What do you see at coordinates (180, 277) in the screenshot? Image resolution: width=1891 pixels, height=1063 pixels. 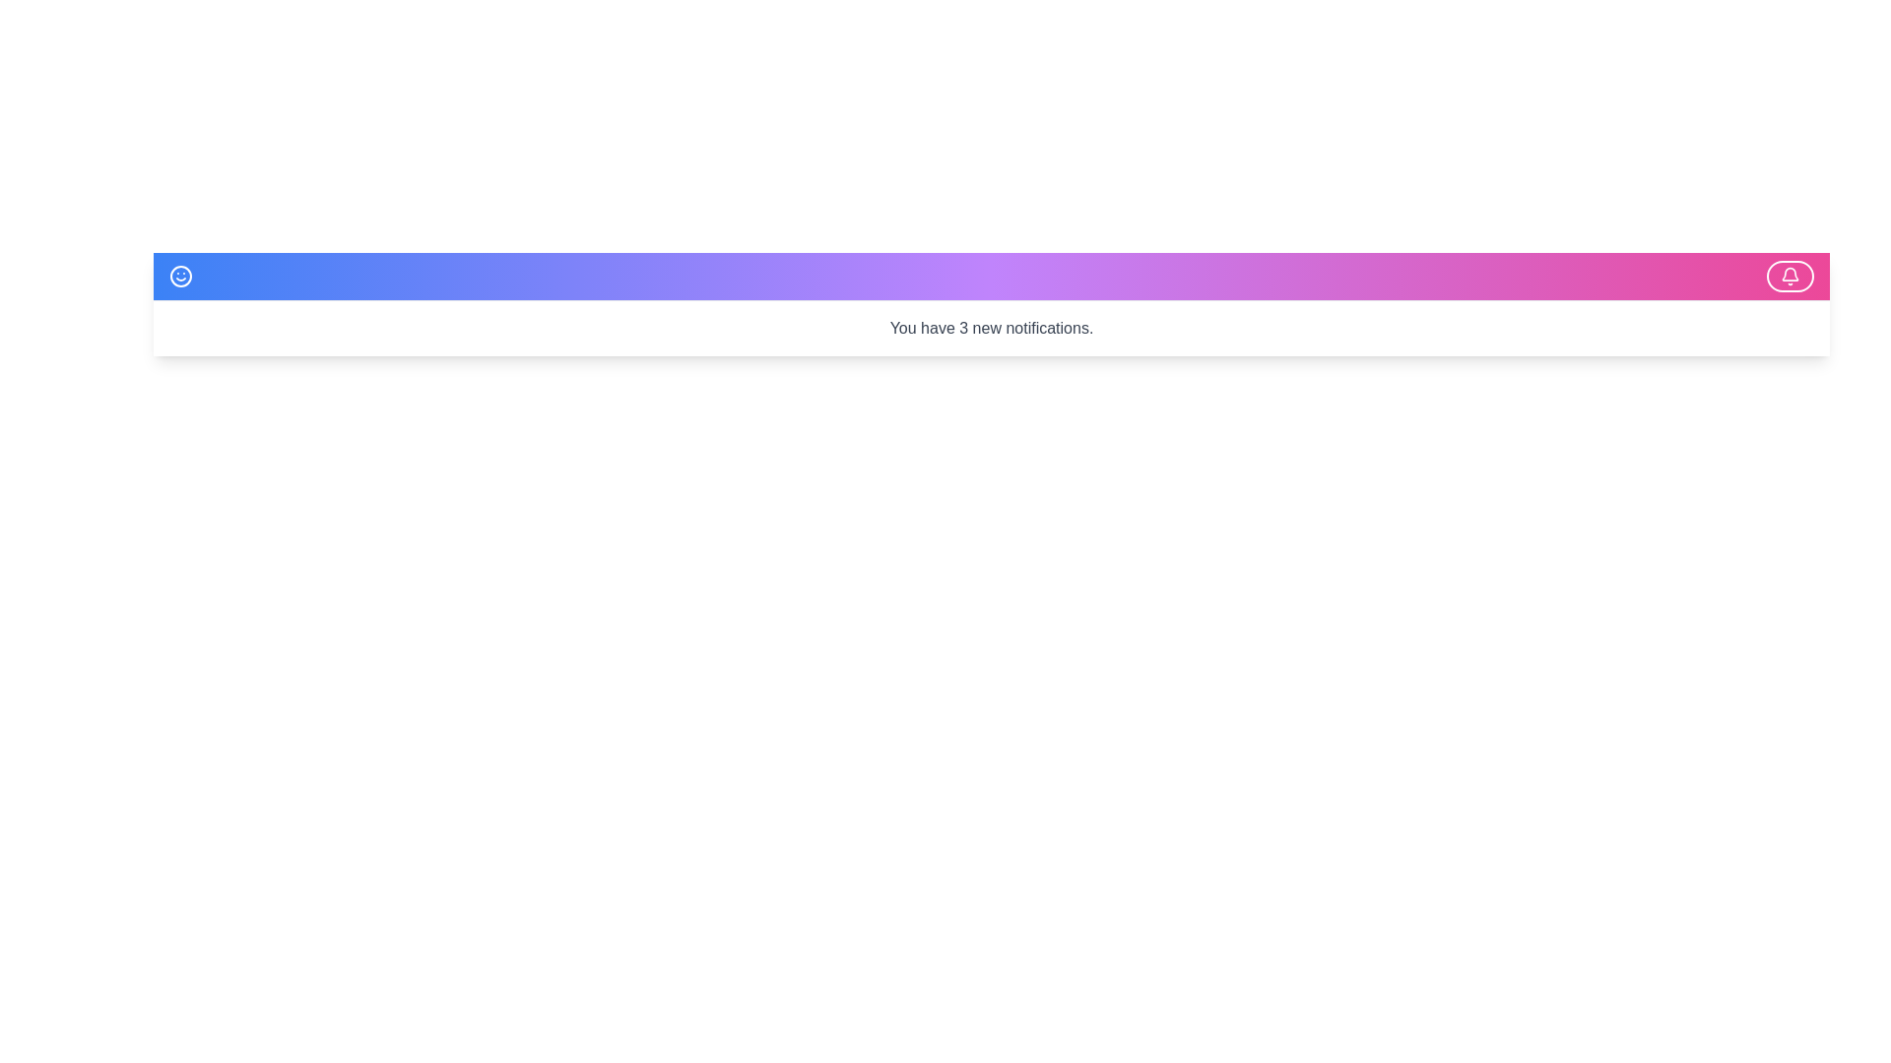 I see `the circular outline of the smiling face icon located in the top-left corner of the interface` at bounding box center [180, 277].